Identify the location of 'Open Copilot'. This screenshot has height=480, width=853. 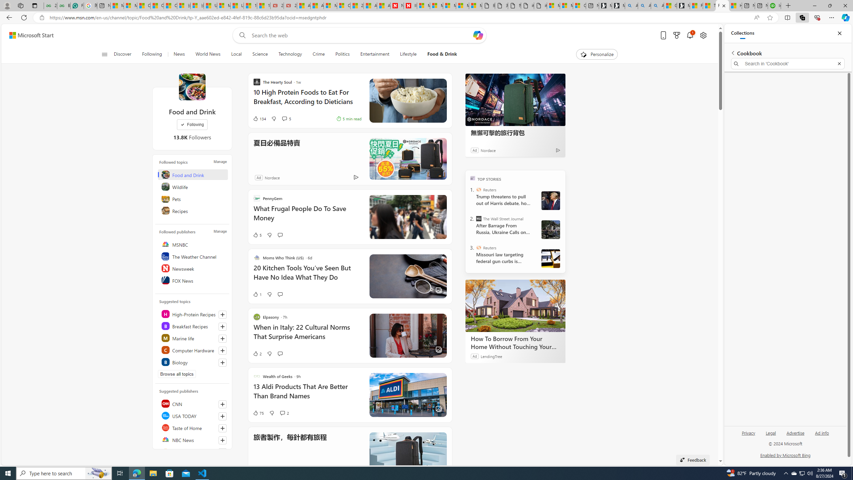
(478, 35).